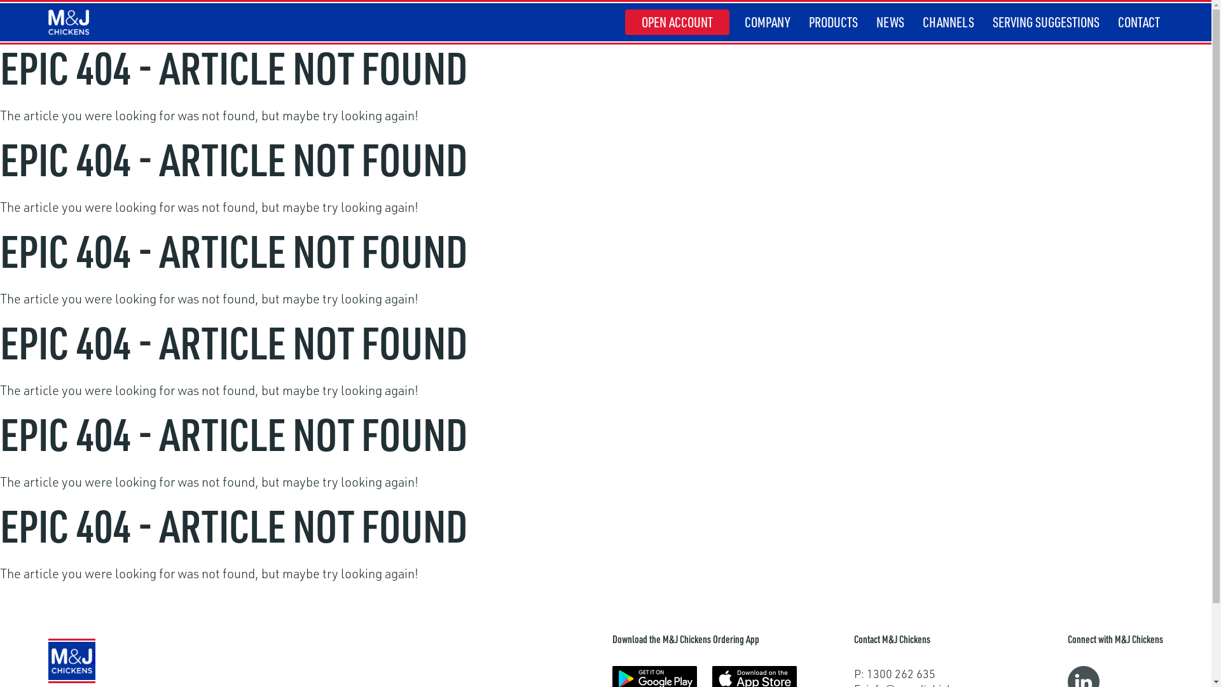  I want to click on '1300 262 635', so click(900, 673).